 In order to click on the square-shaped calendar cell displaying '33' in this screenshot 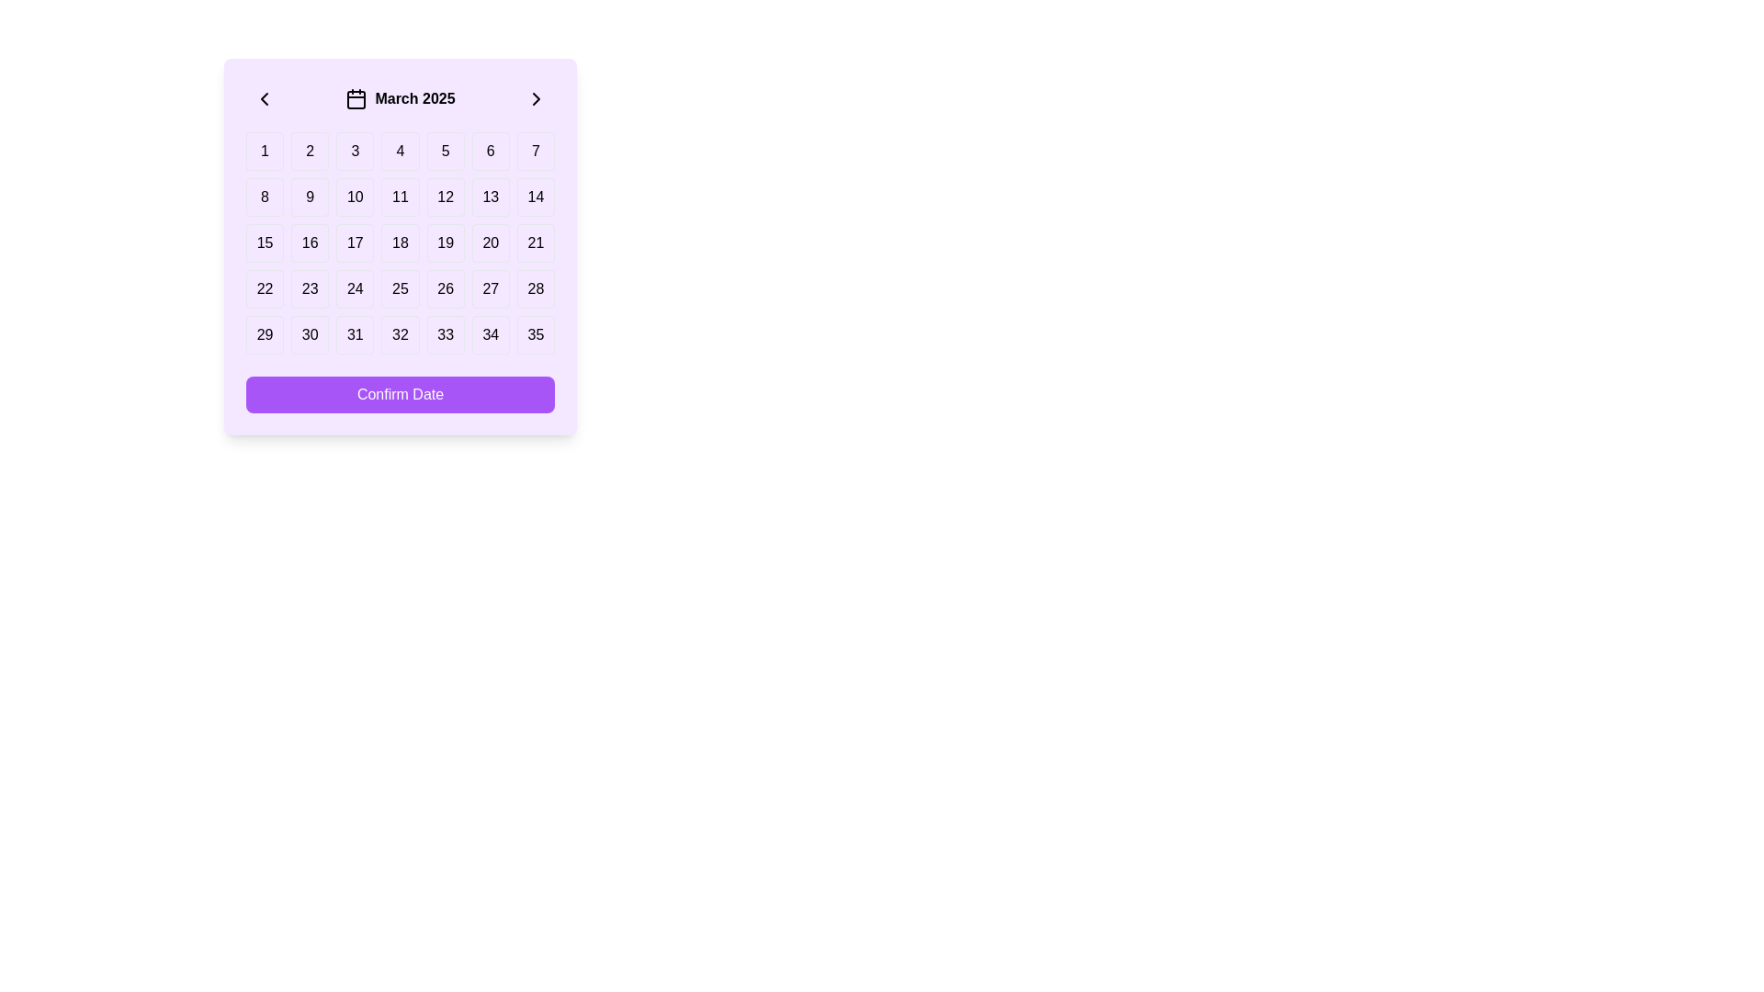, I will do `click(446, 335)`.